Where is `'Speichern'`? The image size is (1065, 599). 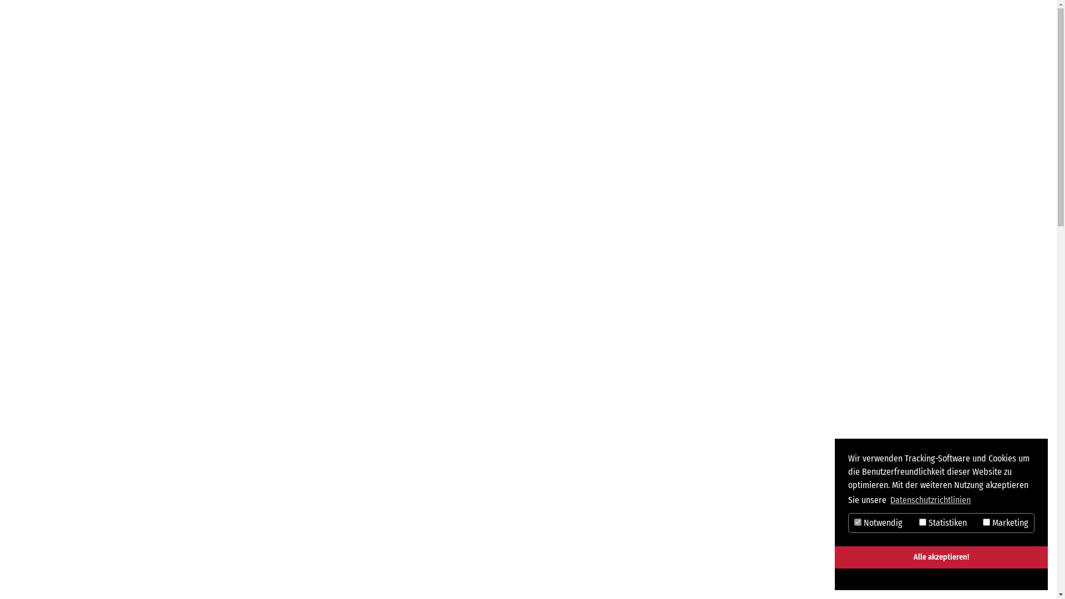
'Speichern' is located at coordinates (888, 578).